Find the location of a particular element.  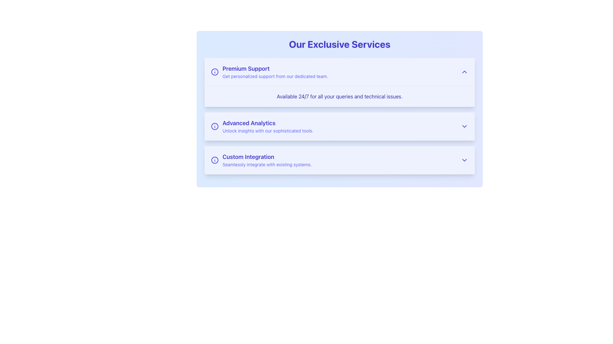

text displayed in the Text Label element that shows 'Our Exclusive Services' in bold, large-sized typography is located at coordinates (339, 44).